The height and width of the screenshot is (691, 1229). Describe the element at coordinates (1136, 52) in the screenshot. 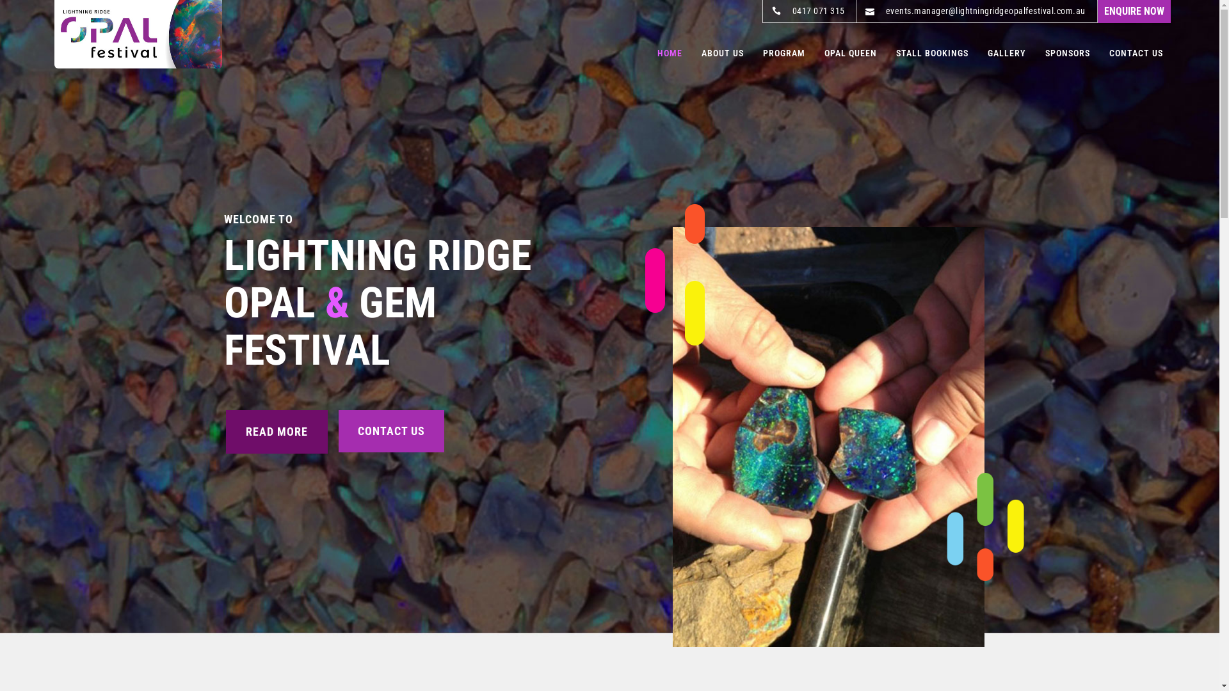

I see `'CONTACT US'` at that location.